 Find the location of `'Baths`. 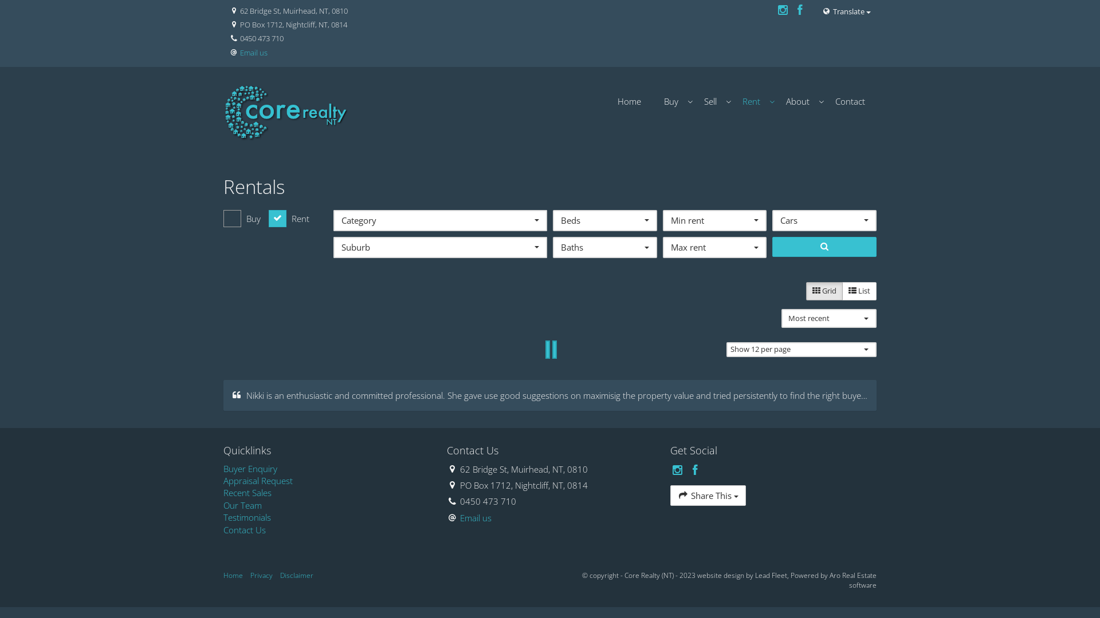

'Baths is located at coordinates (604, 247).